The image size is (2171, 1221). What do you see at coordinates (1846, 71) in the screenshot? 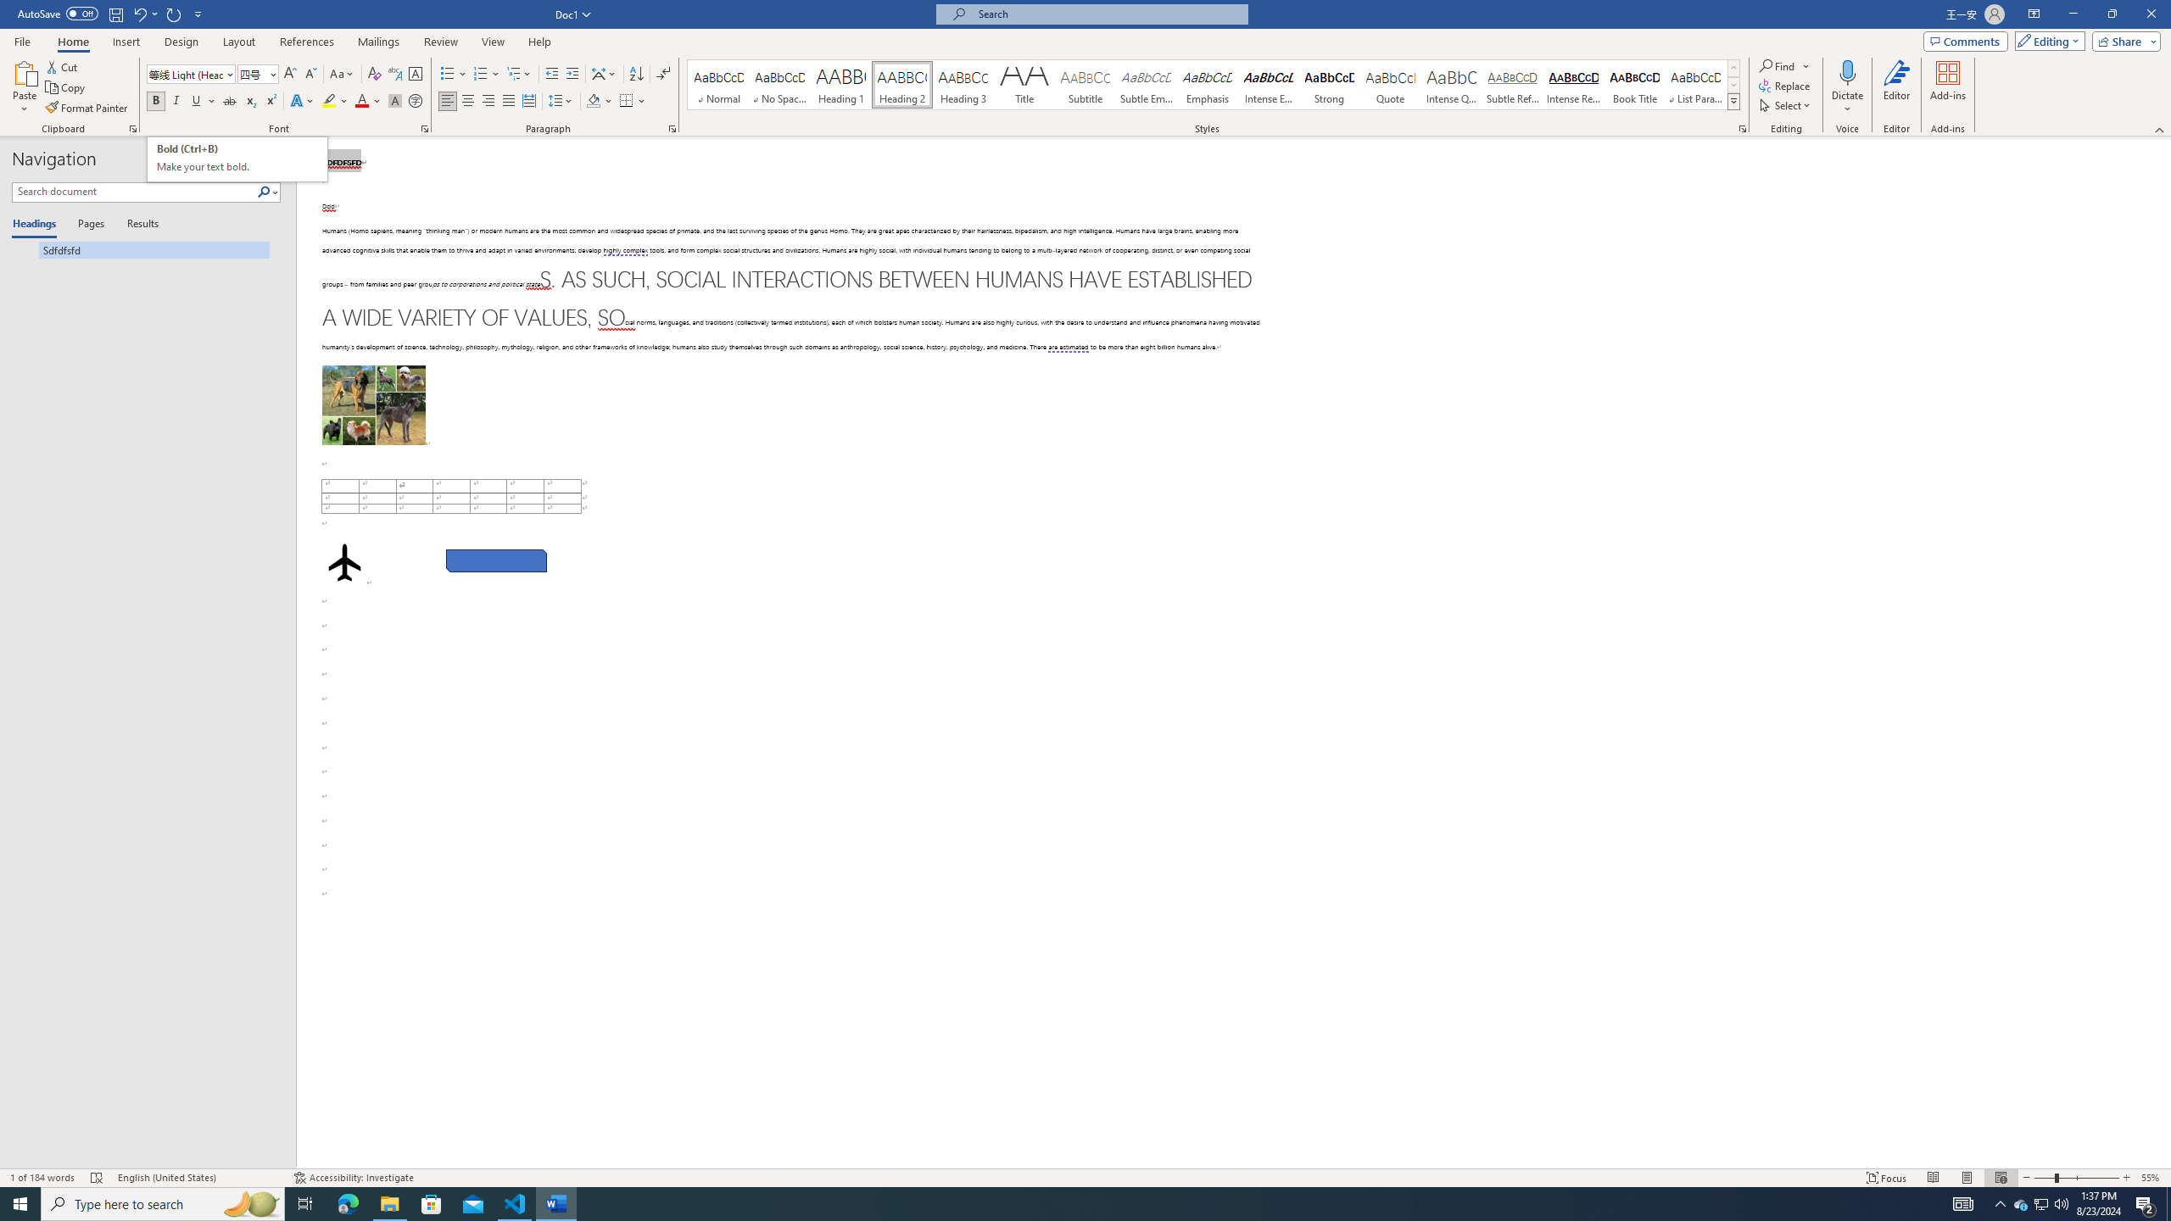
I see `'Dictate'` at bounding box center [1846, 71].